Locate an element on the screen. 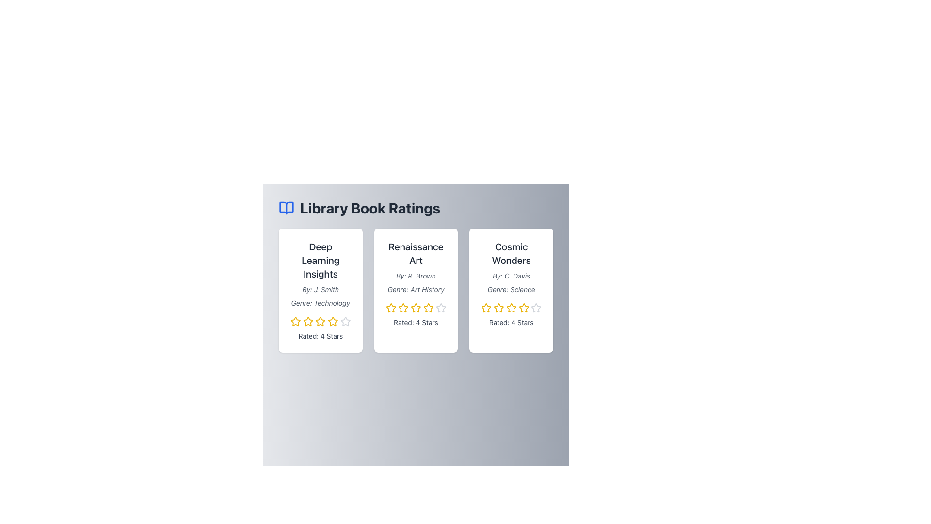  the second star icon in the rating system for the 'Renaissance Art' book to provide or view ratings is located at coordinates (391, 308).